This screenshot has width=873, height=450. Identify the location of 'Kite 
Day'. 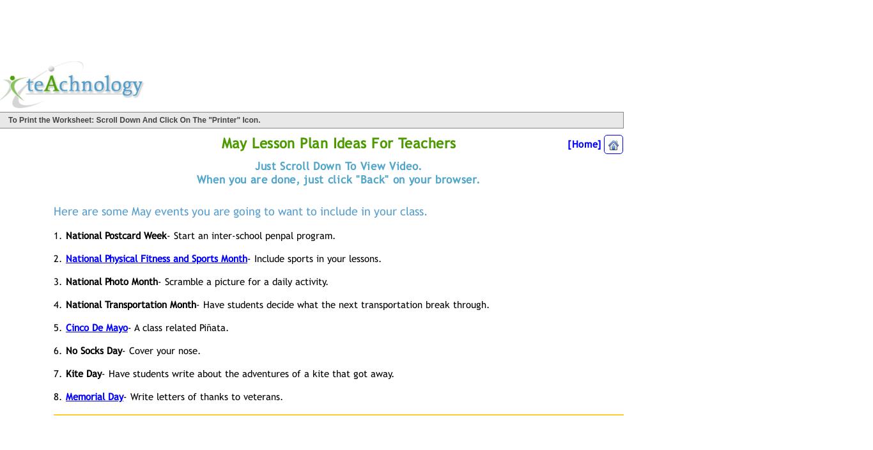
(82, 372).